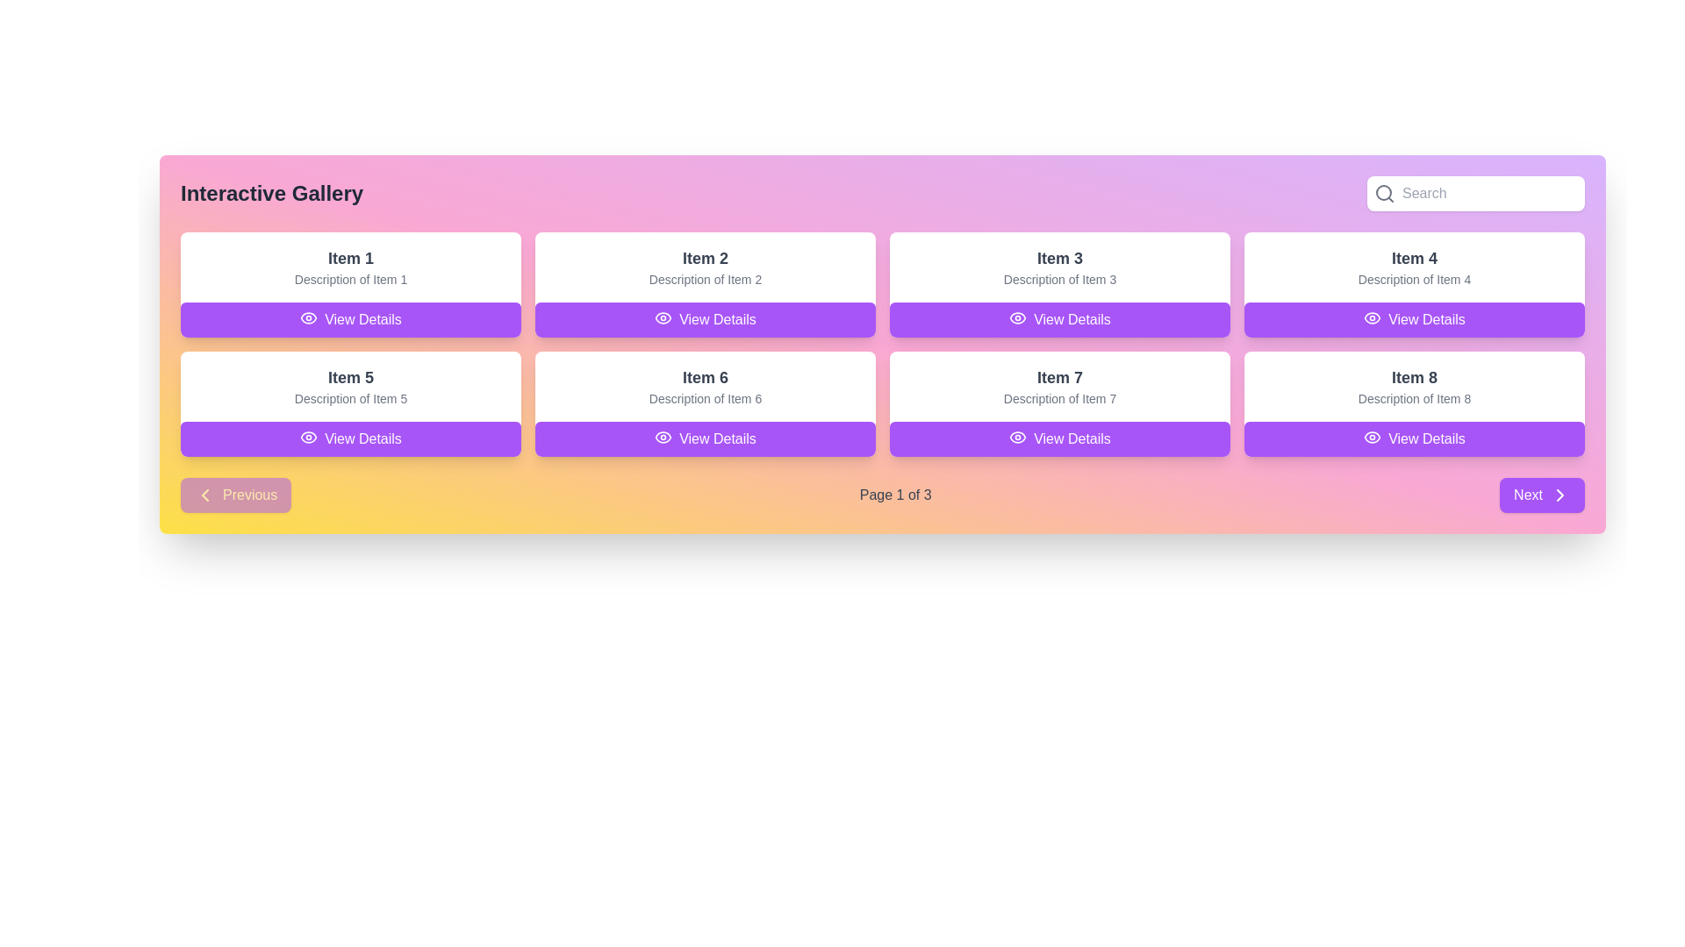 The width and height of the screenshot is (1685, 947). What do you see at coordinates (1059, 279) in the screenshot?
I see `the text label displaying 'Description of Item 3', which is positioned below the title 'Item 3' in the top-right cell of a 2x4 grid` at bounding box center [1059, 279].